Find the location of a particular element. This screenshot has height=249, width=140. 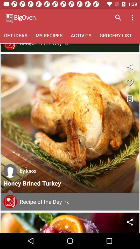

open recipe is located at coordinates (70, 123).